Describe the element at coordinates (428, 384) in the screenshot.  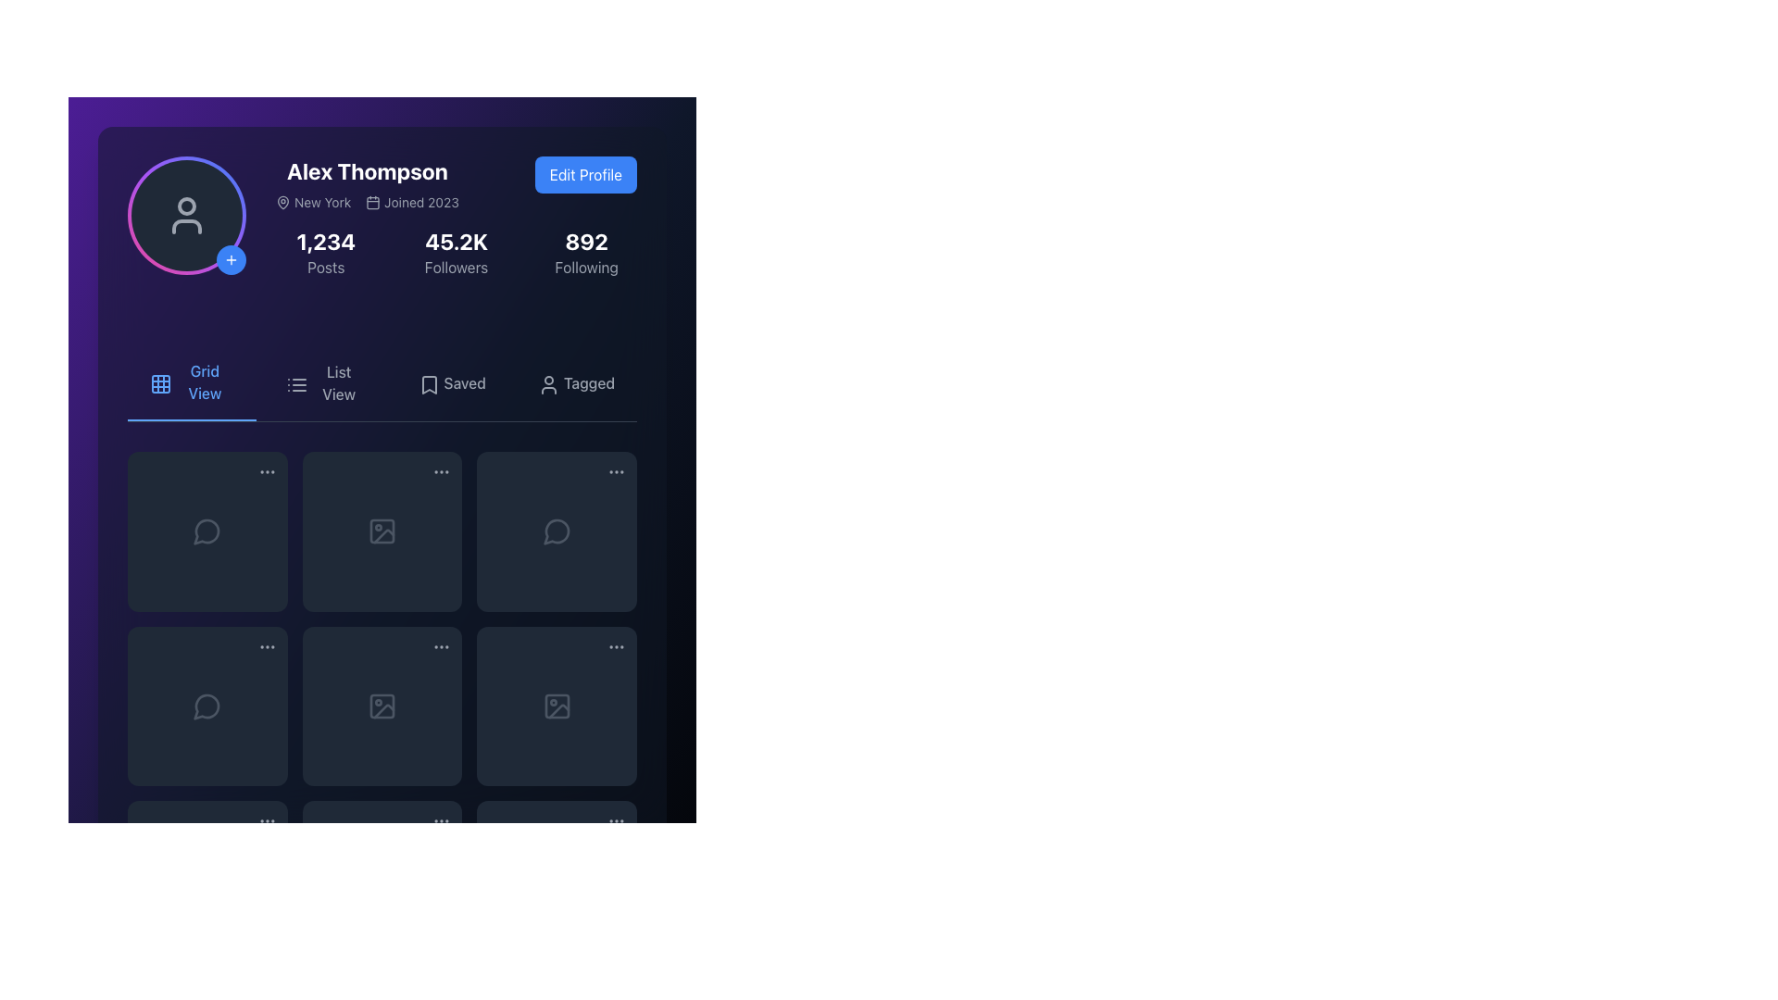
I see `the bookmark icon, which is a stylized outline of a bookmark adjacent to the 'Saved' label in the navigation options on the user's dashboard interface` at that location.